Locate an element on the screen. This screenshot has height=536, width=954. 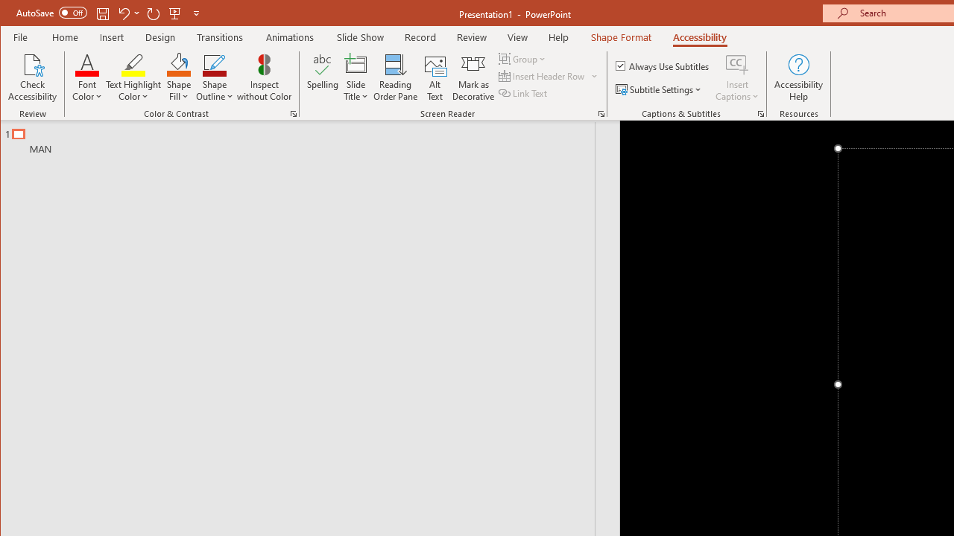
'Shape Format' is located at coordinates (621, 36).